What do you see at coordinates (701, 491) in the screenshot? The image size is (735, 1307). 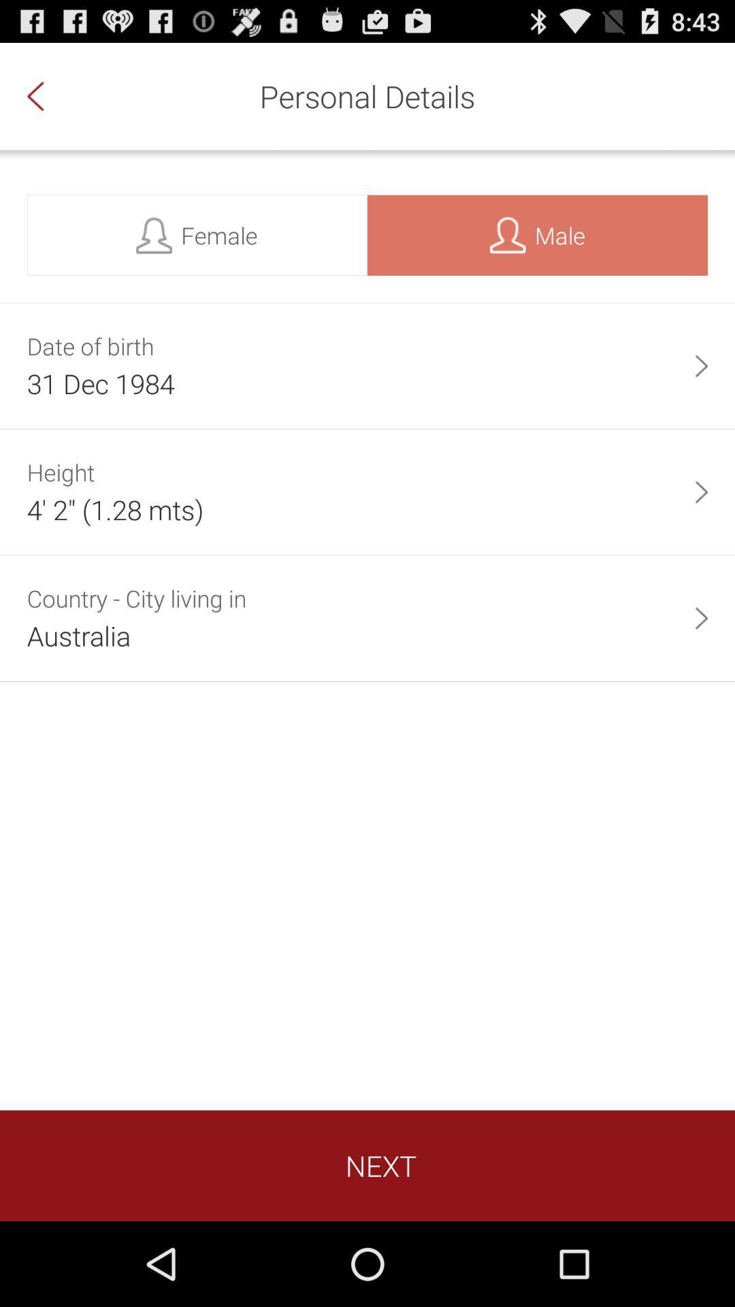 I see `the app next to 4 2 1` at bounding box center [701, 491].